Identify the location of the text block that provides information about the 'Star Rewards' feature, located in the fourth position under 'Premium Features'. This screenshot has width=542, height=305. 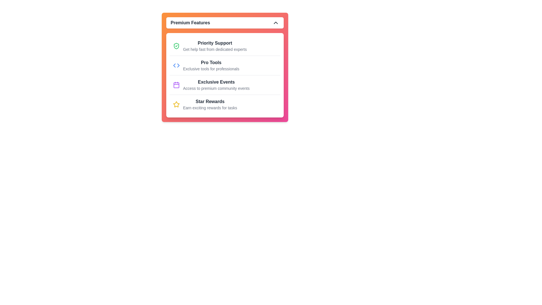
(210, 104).